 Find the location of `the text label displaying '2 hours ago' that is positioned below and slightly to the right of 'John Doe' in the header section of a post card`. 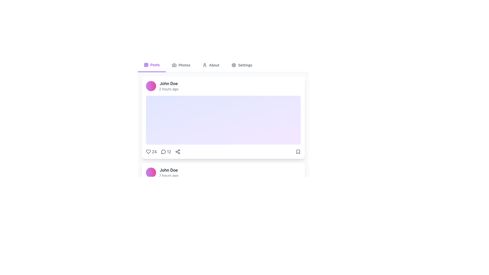

the text label displaying '2 hours ago' that is positioned below and slightly to the right of 'John Doe' in the header section of a post card is located at coordinates (169, 89).